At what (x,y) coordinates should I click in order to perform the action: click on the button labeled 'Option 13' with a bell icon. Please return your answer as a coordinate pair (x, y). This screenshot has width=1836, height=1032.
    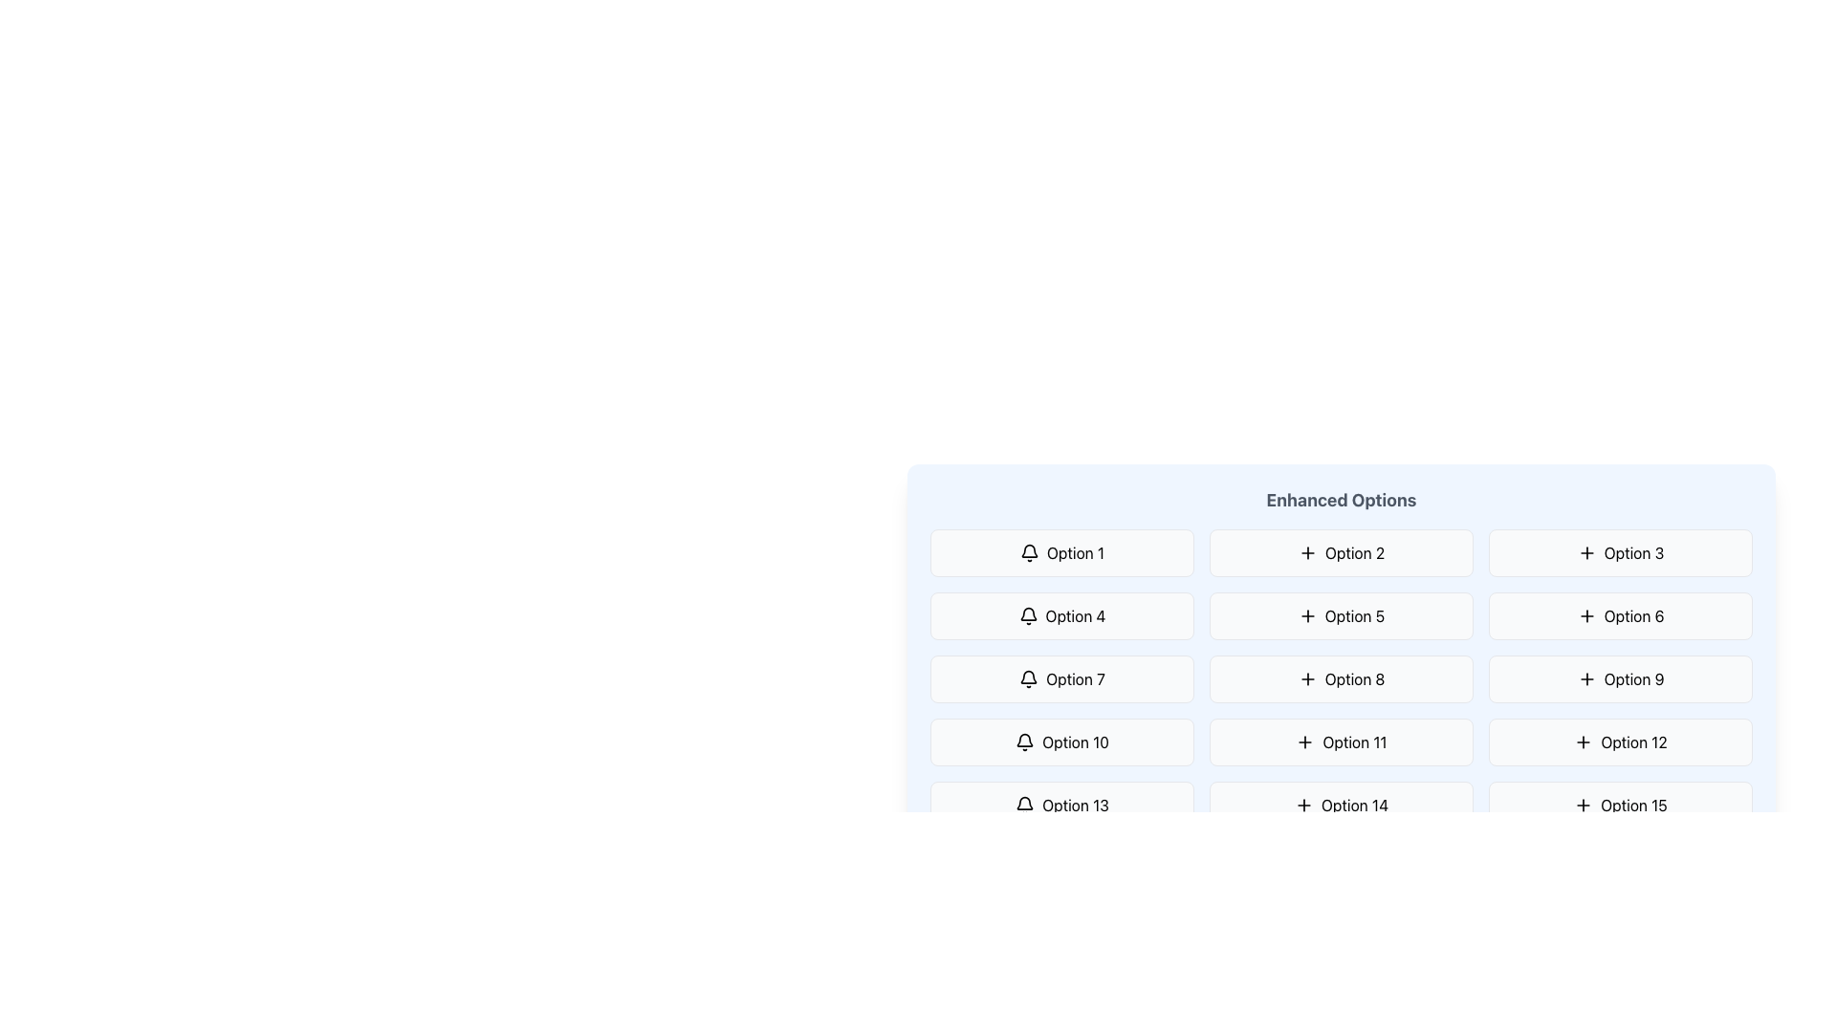
    Looking at the image, I should click on (1060, 806).